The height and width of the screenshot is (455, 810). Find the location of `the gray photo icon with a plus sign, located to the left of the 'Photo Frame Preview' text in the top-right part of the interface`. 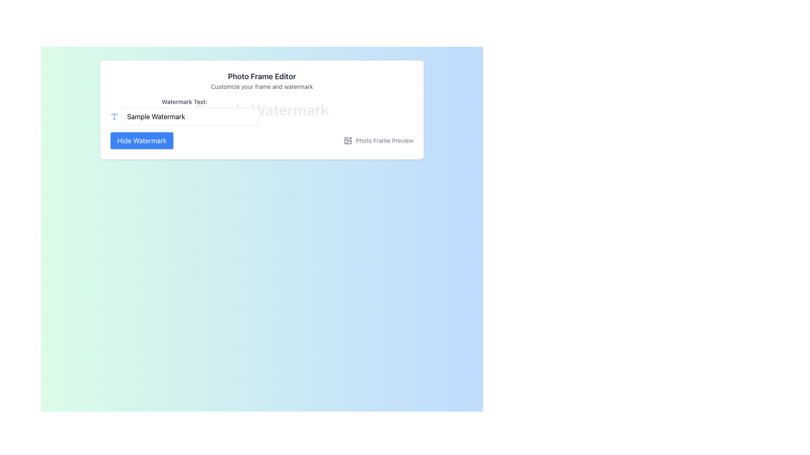

the gray photo icon with a plus sign, located to the left of the 'Photo Frame Preview' text in the top-right part of the interface is located at coordinates (348, 140).